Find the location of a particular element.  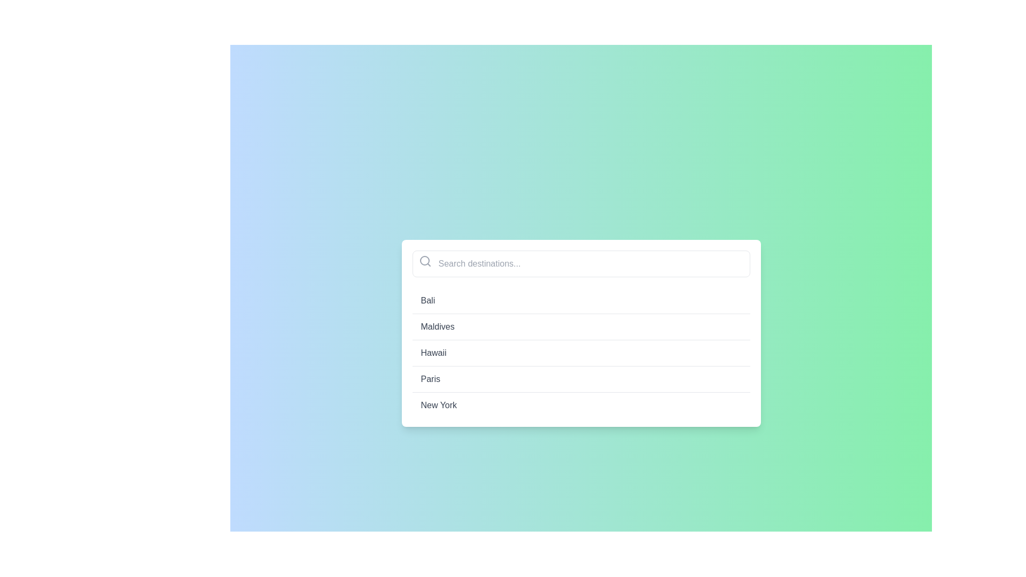

the 'New York' destination text label is located at coordinates (439, 406).